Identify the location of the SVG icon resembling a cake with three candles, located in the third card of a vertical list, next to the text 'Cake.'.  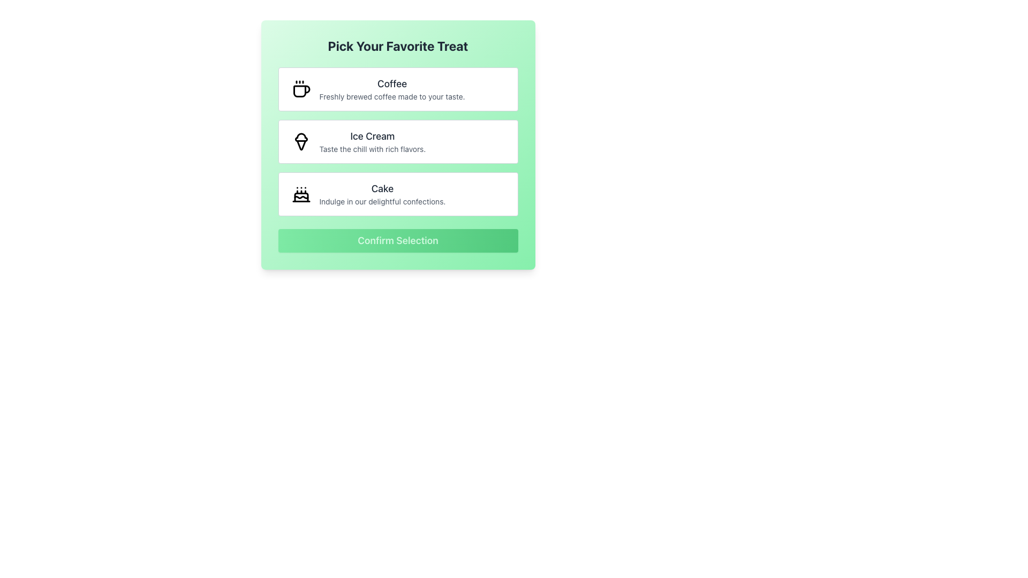
(300, 194).